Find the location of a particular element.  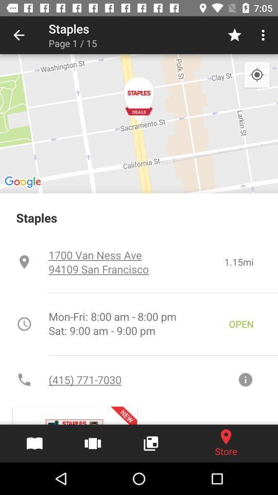

(415) 771-7030 icon is located at coordinates (142, 379).